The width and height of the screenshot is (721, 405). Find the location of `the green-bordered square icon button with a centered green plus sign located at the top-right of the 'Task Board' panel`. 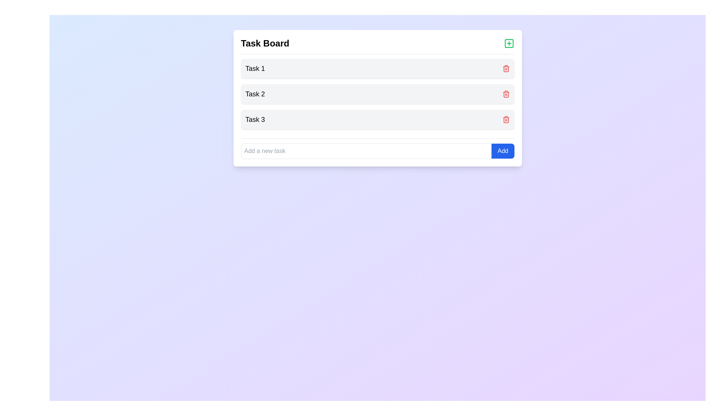

the green-bordered square icon button with a centered green plus sign located at the top-right of the 'Task Board' panel is located at coordinates (509, 43).